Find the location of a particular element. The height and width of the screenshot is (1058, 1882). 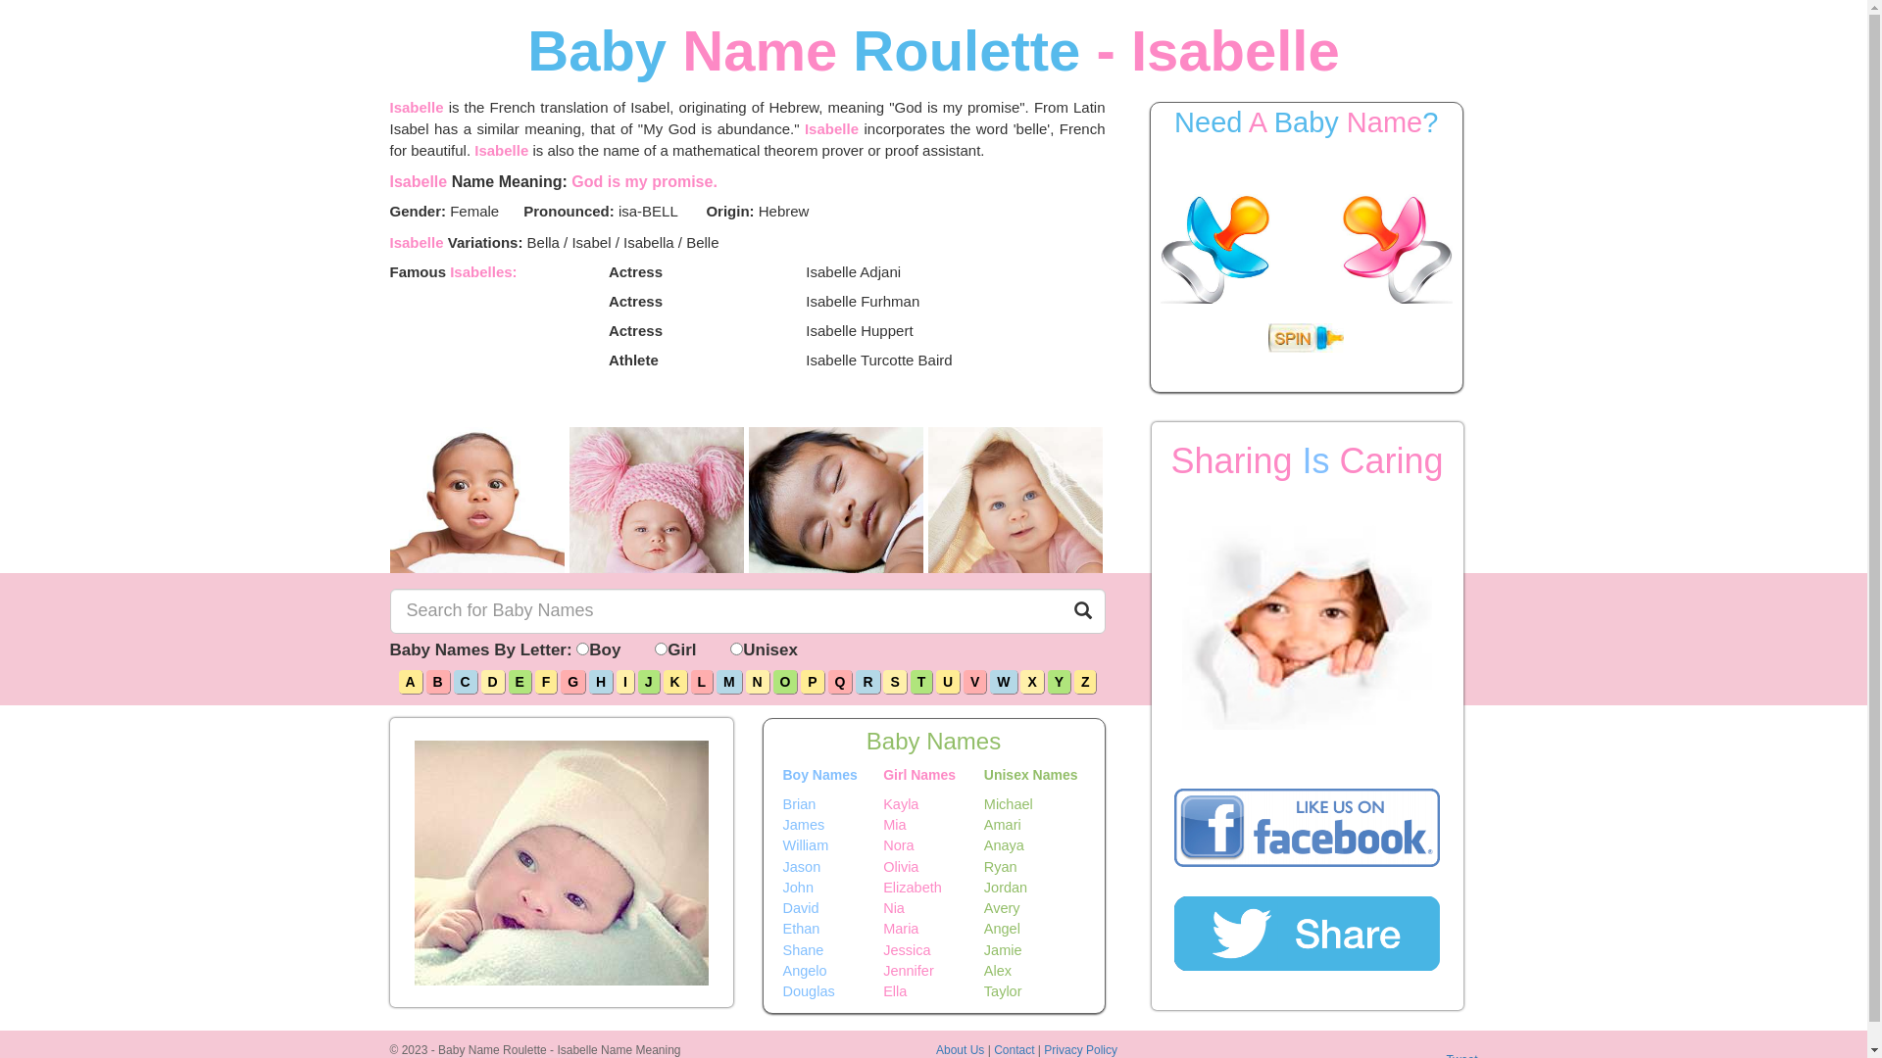

'Mia' is located at coordinates (932, 825).